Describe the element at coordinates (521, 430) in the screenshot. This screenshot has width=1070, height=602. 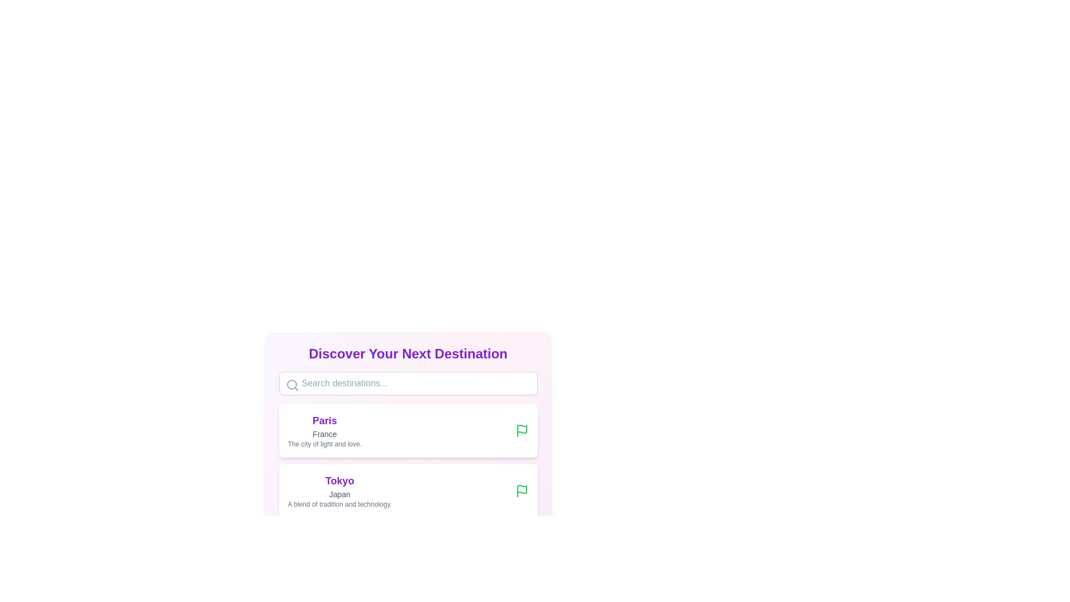
I see `the flag icon located in the top-right area of the 'Paris' card, which indicates relevance or marks it as a favorite` at that location.